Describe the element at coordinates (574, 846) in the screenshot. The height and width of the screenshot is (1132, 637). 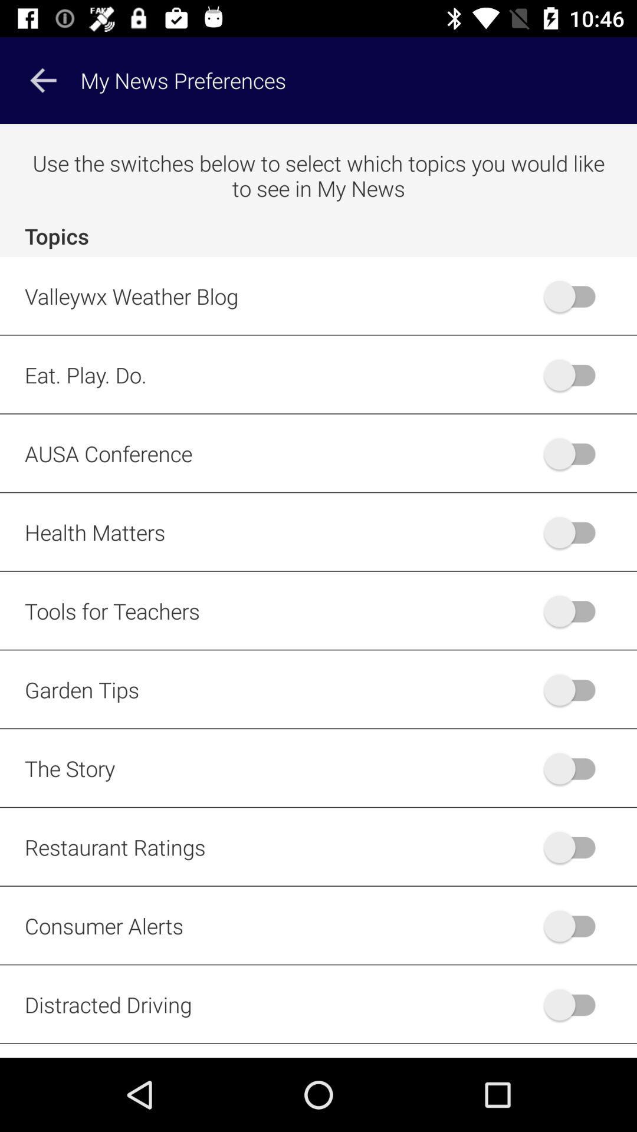
I see `back` at that location.